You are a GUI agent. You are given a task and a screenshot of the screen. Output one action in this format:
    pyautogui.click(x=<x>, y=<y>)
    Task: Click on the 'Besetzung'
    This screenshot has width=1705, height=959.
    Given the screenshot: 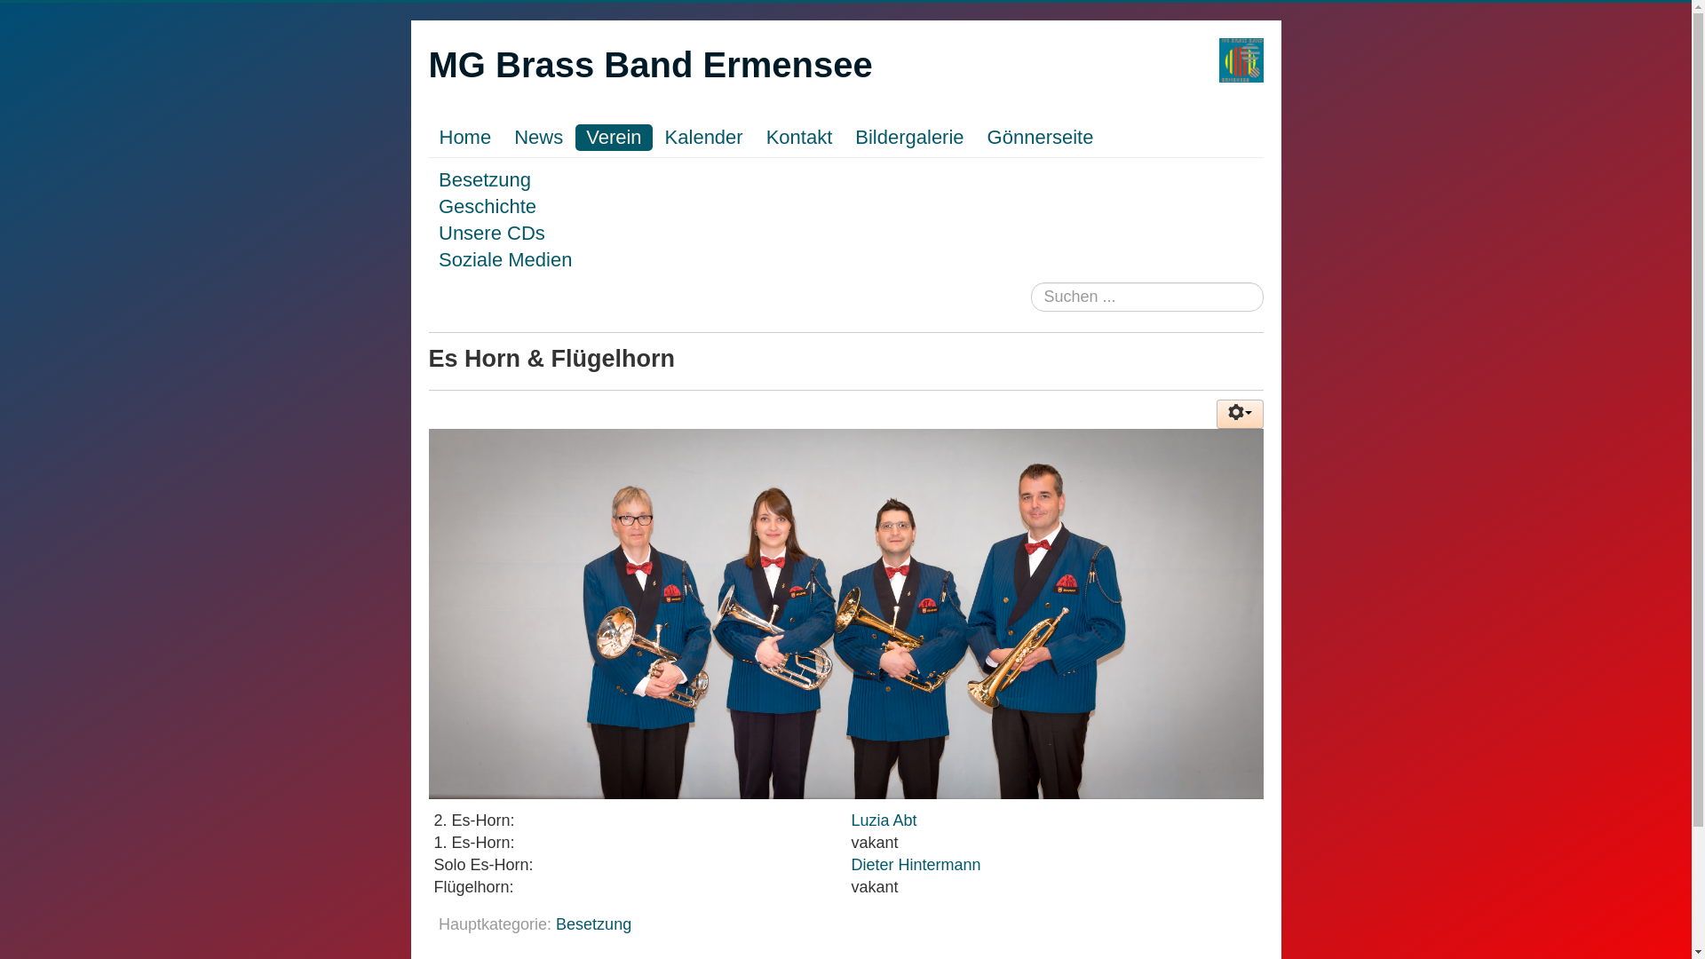 What is the action you would take?
    pyautogui.click(x=485, y=179)
    